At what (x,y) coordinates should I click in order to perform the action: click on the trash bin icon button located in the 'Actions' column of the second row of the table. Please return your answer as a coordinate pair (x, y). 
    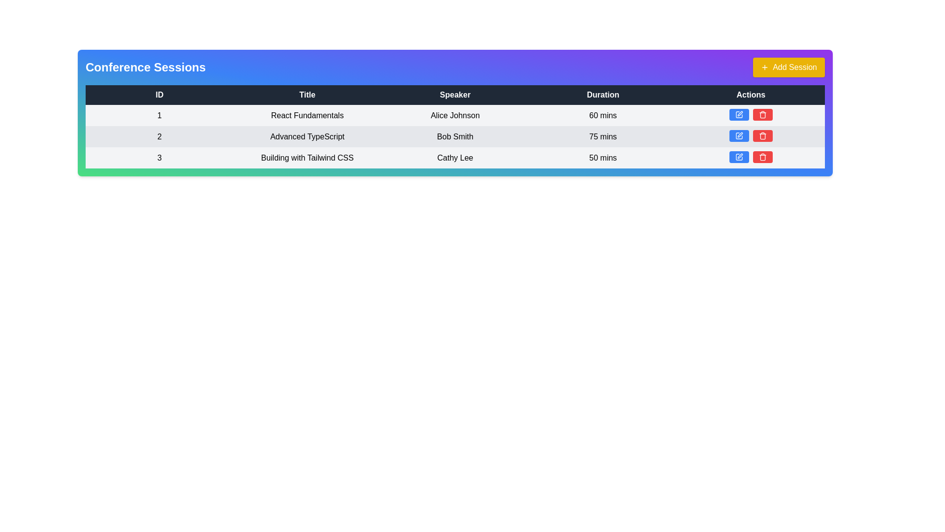
    Looking at the image, I should click on (762, 136).